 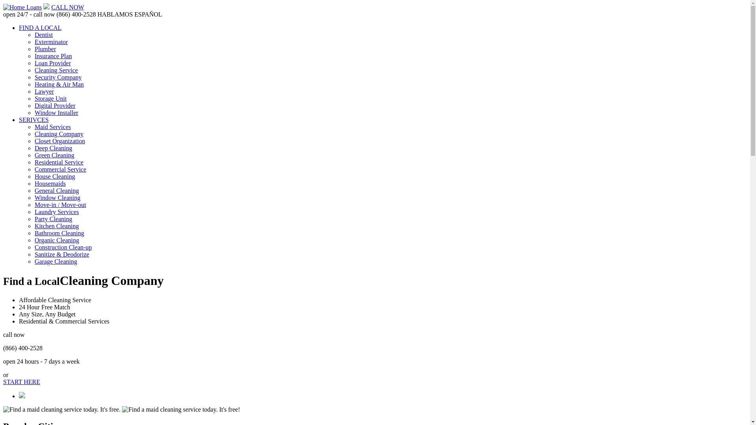 What do you see at coordinates (34, 133) in the screenshot?
I see `'Cleaning Company'` at bounding box center [34, 133].